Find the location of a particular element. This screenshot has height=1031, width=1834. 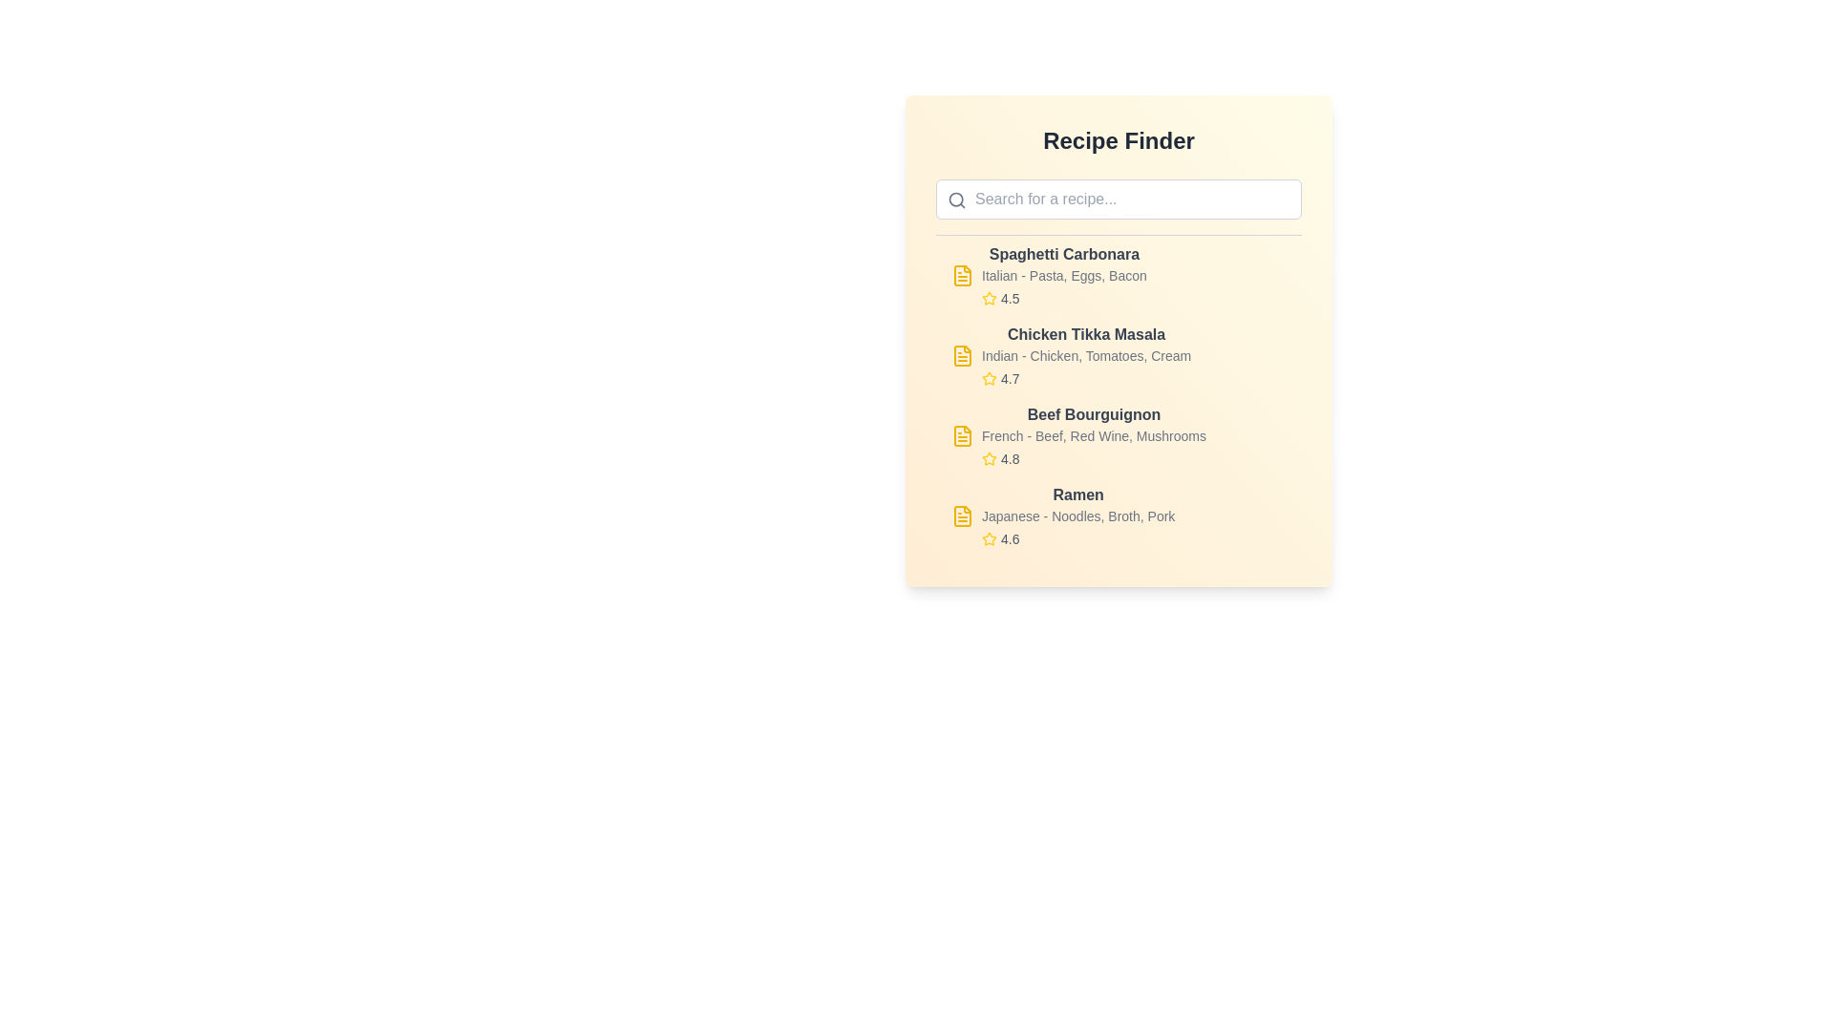

numeric rating text label for the 'Chicken Tikka Masala' recipe, located in the rating section to the right of the yellow star icon in the second row under the 'Recipe Finder' heading is located at coordinates (1009, 379).